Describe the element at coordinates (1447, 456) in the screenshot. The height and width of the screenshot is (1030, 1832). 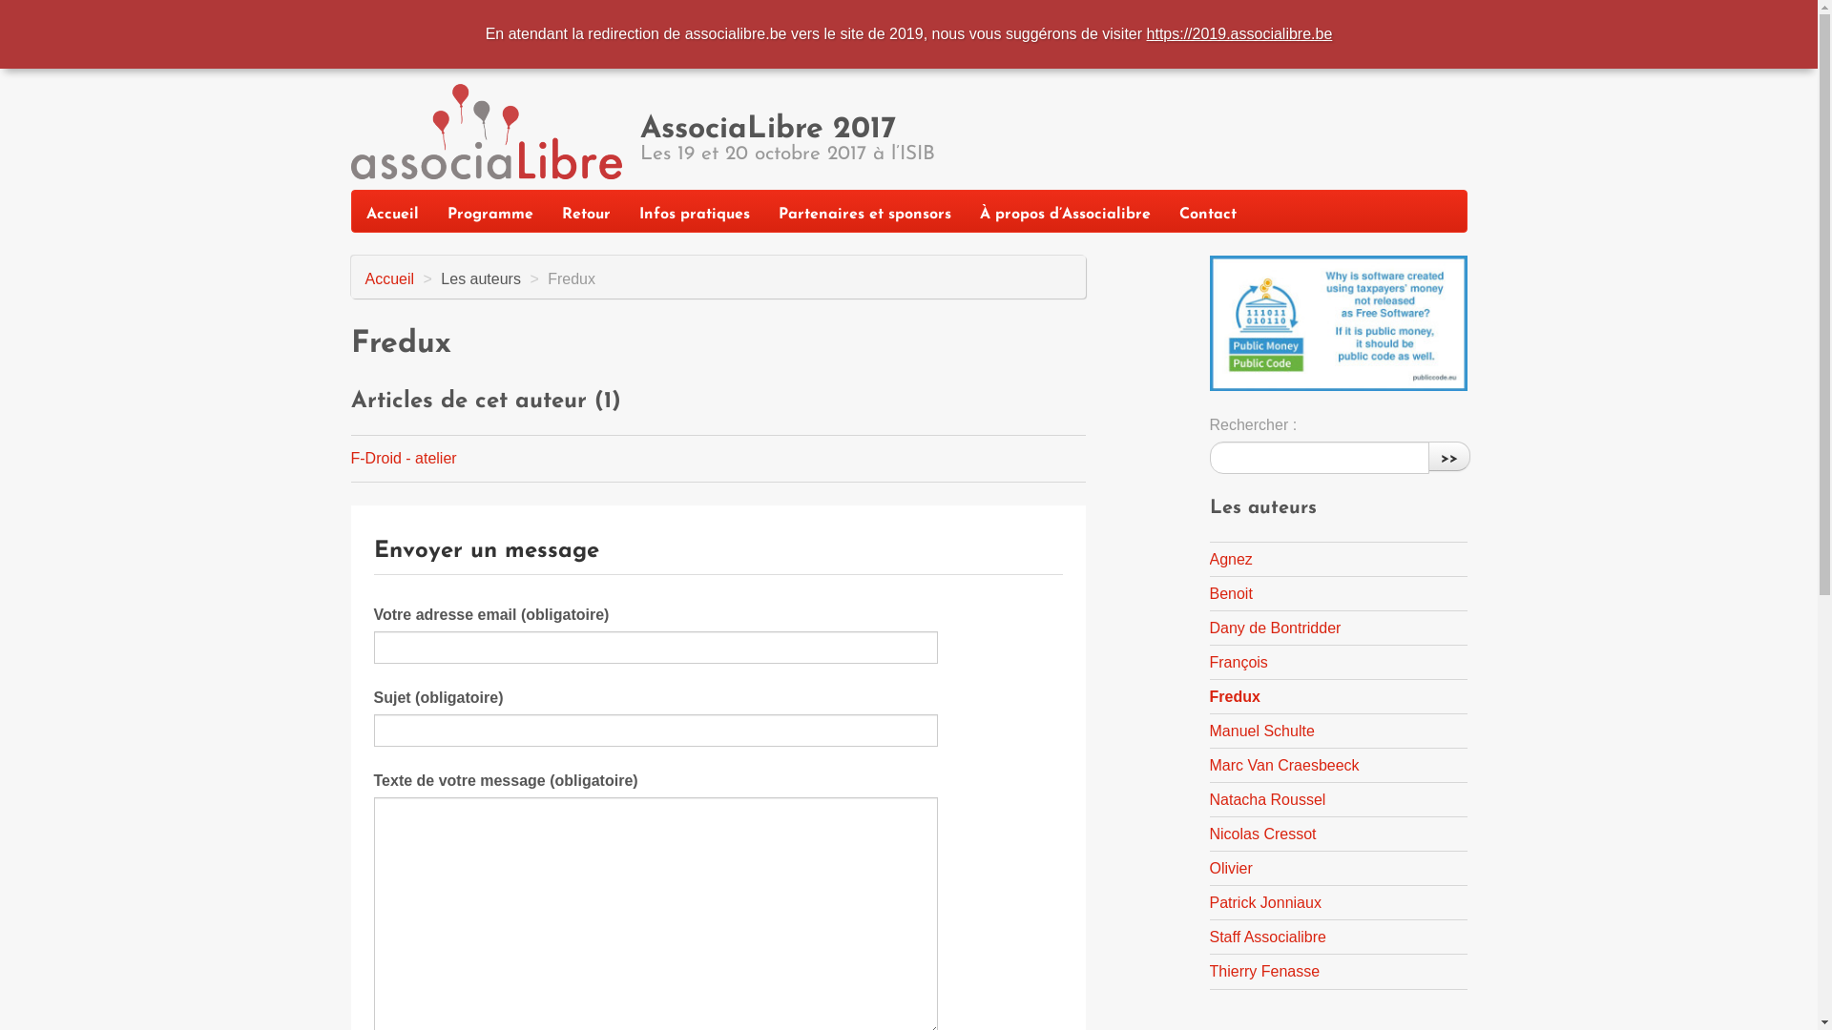
I see `'>>'` at that location.